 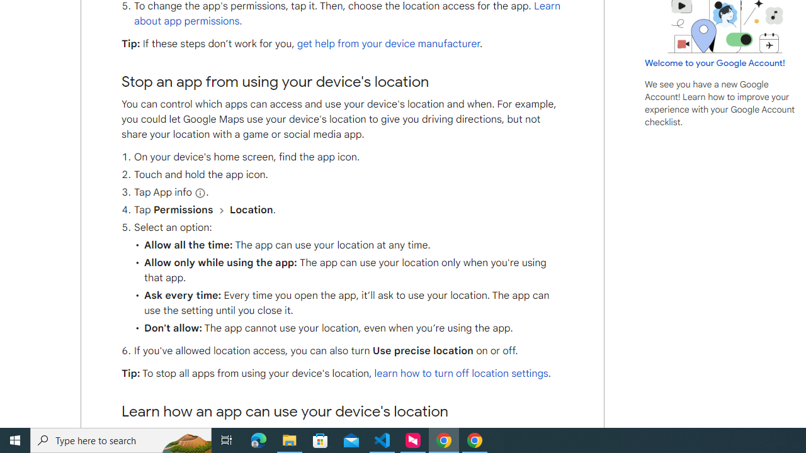 I want to click on 'get help from your device manufacturer', so click(x=387, y=43).